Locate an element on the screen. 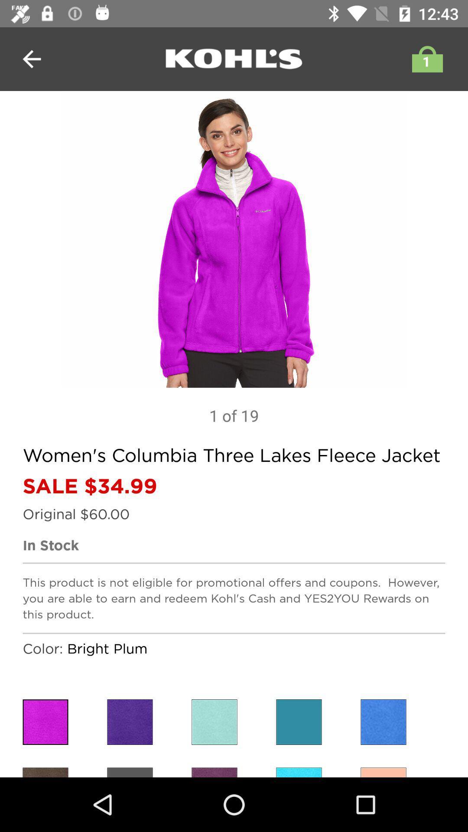  choose color is located at coordinates (214, 722).